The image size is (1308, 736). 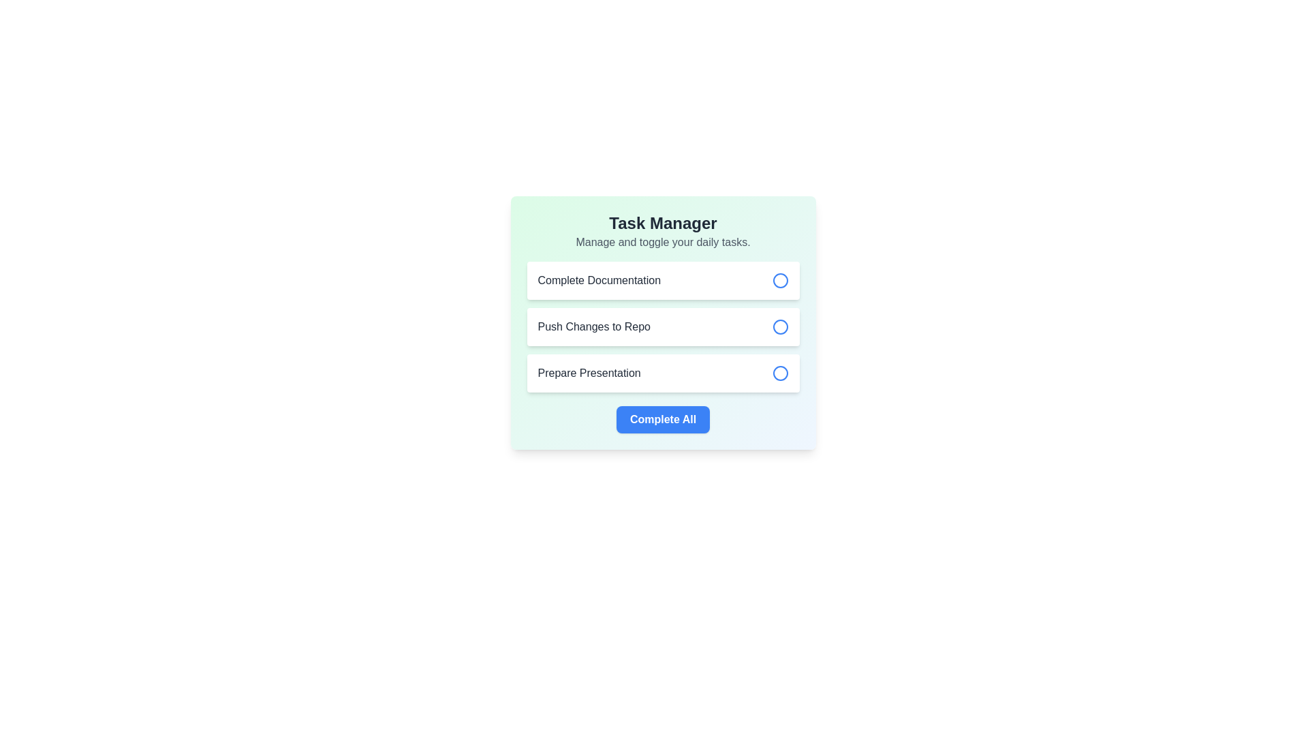 I want to click on the blue circle graphical indicator in the task list for the 'Prepare Presentation' item in the 'Task Manager' section, so click(x=780, y=373).